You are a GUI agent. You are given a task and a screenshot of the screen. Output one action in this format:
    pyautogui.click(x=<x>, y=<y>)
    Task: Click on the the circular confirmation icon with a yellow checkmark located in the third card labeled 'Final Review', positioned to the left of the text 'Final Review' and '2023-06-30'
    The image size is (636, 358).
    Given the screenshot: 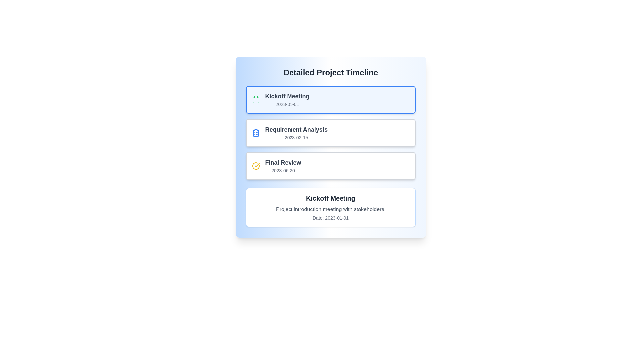 What is the action you would take?
    pyautogui.click(x=255, y=166)
    